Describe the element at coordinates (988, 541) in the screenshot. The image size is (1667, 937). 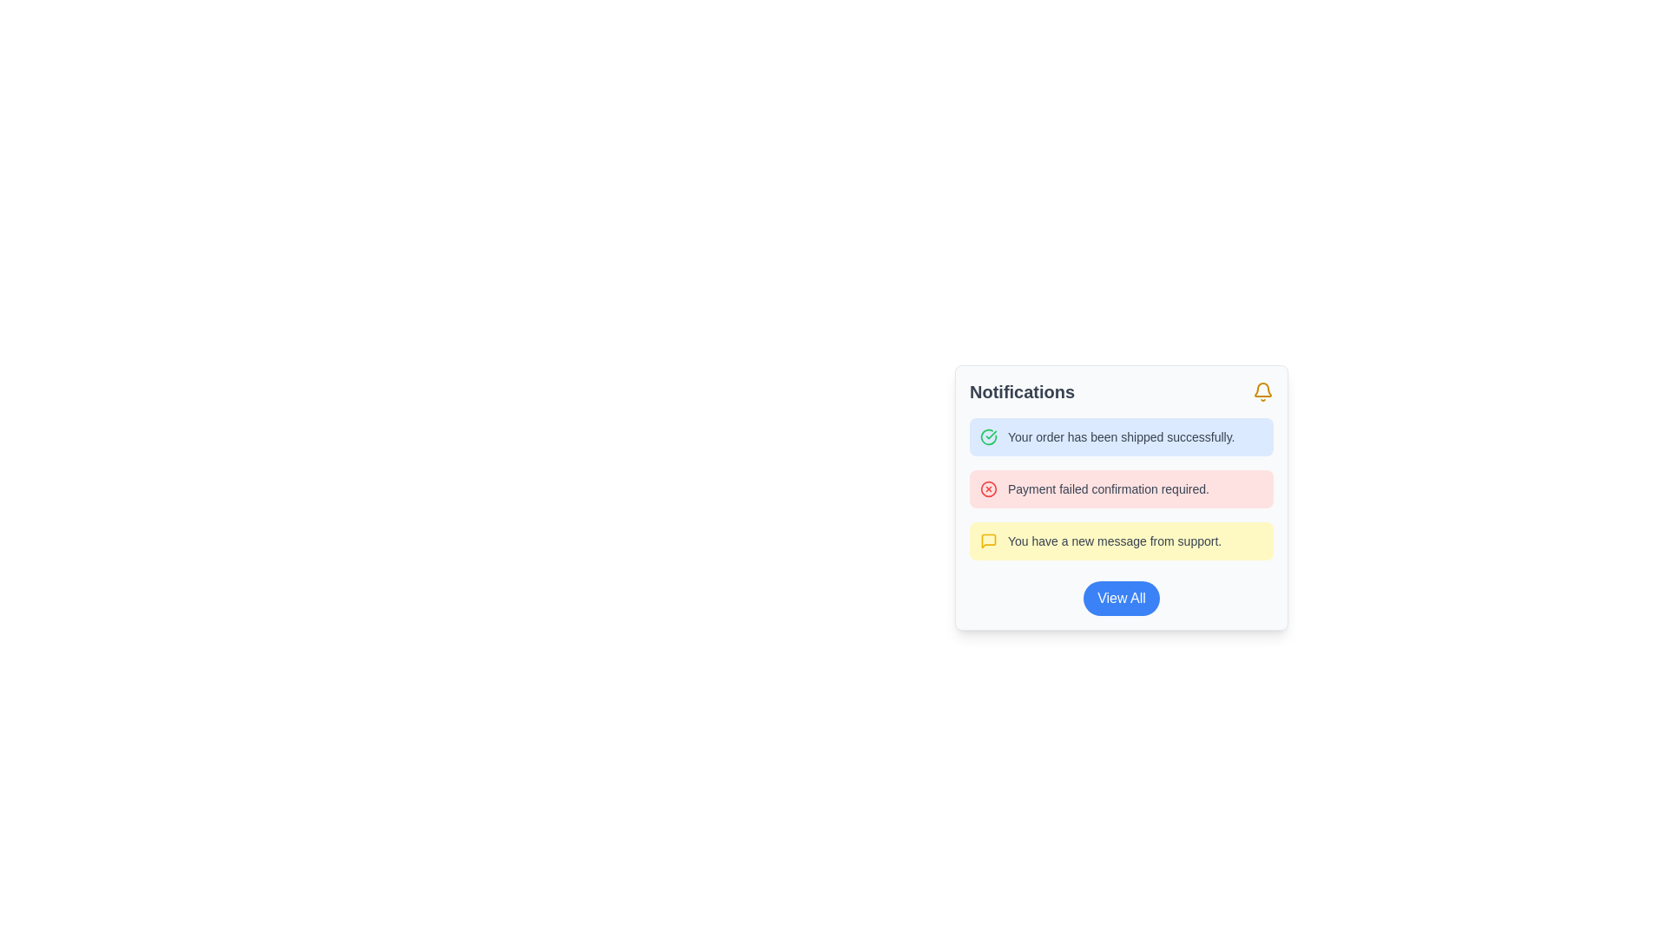
I see `the yellow speech bubble icon that indicates a new message from support, which is located in the notification list` at that location.